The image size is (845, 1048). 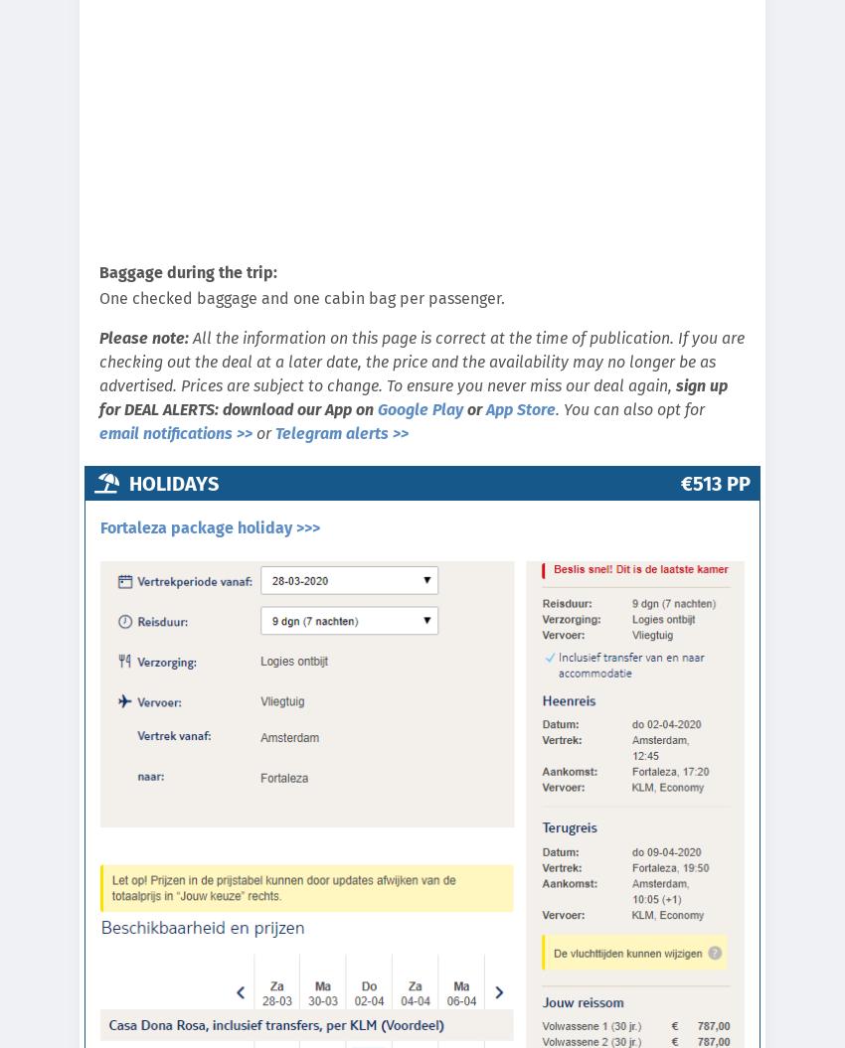 What do you see at coordinates (413, 397) in the screenshot?
I see `'sign up for DEAL ALERTS: download our App on'` at bounding box center [413, 397].